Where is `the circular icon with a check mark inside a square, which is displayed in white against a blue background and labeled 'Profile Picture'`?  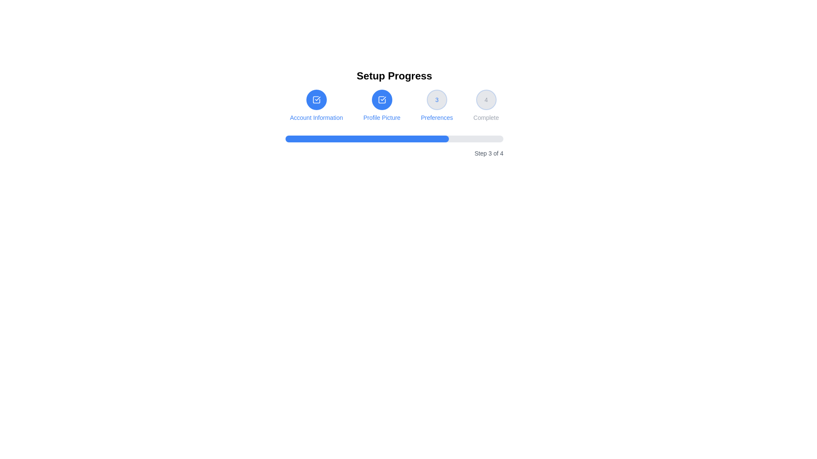 the circular icon with a check mark inside a square, which is displayed in white against a blue background and labeled 'Profile Picture' is located at coordinates (381, 105).